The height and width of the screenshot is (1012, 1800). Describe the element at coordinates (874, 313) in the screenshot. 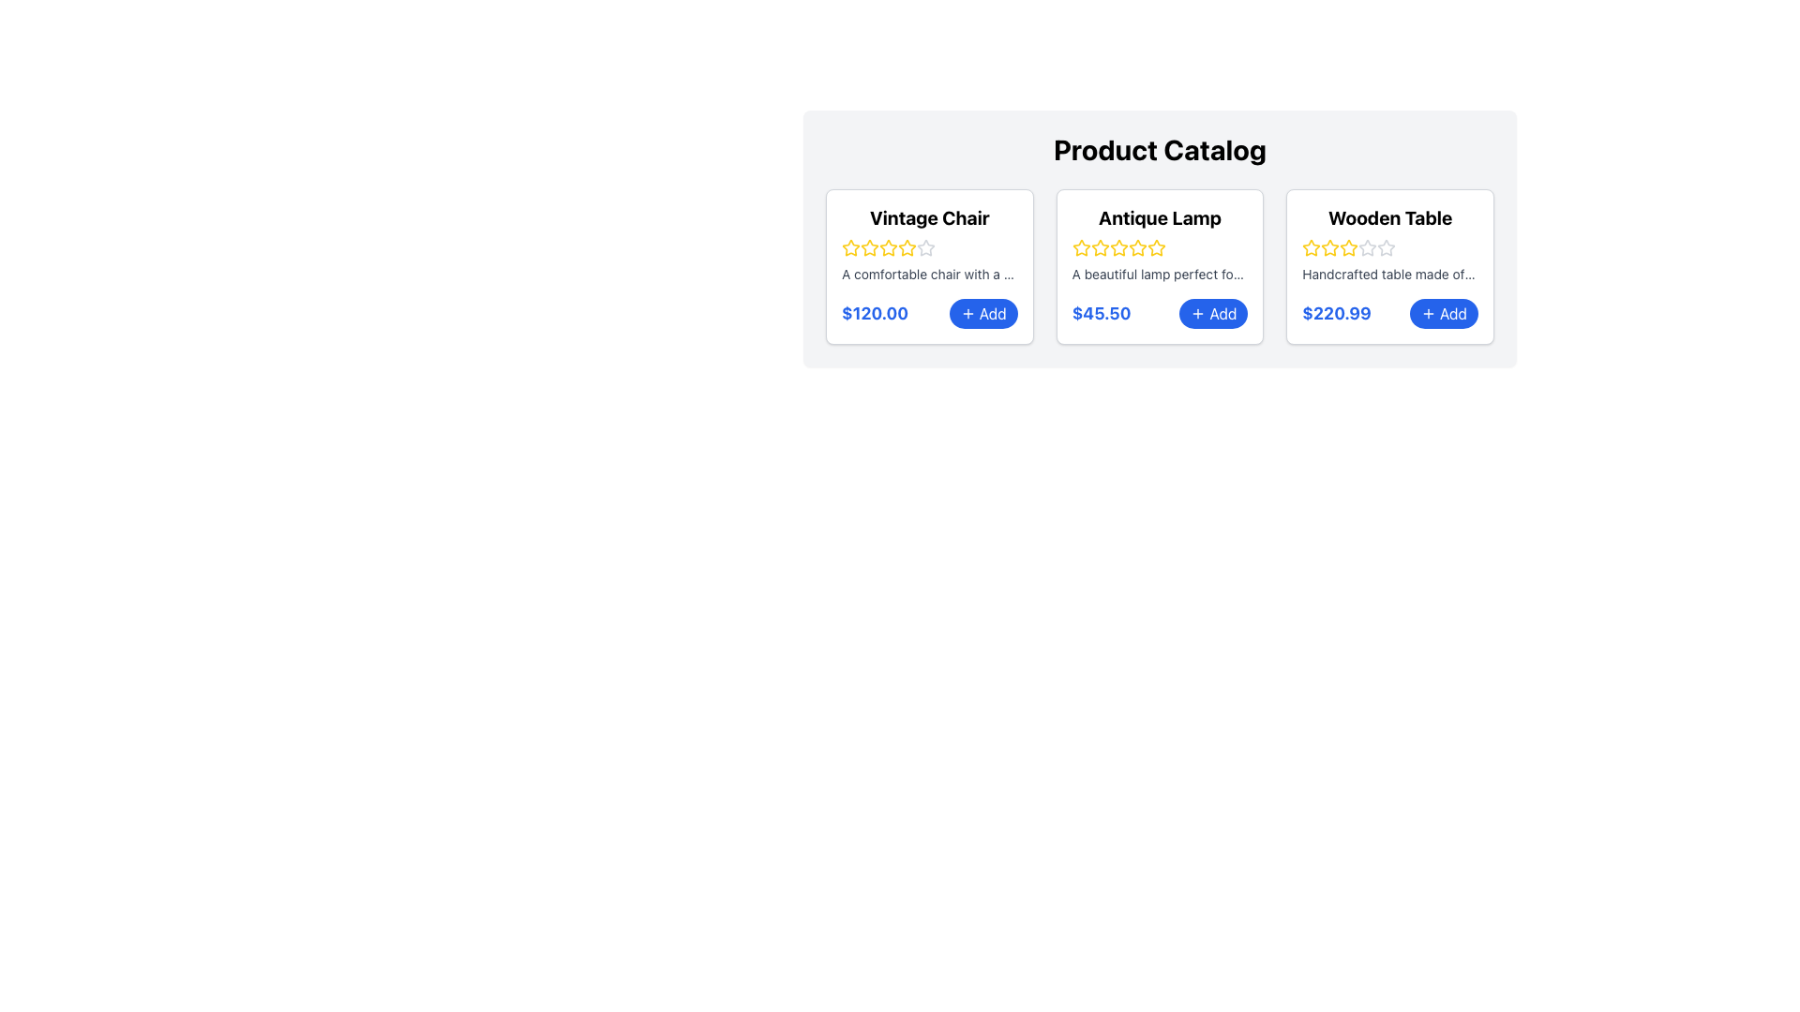

I see `the price label displaying '$120.00' in bold blue font located at the bottom left of the first product card ('Vintage Chair')` at that location.